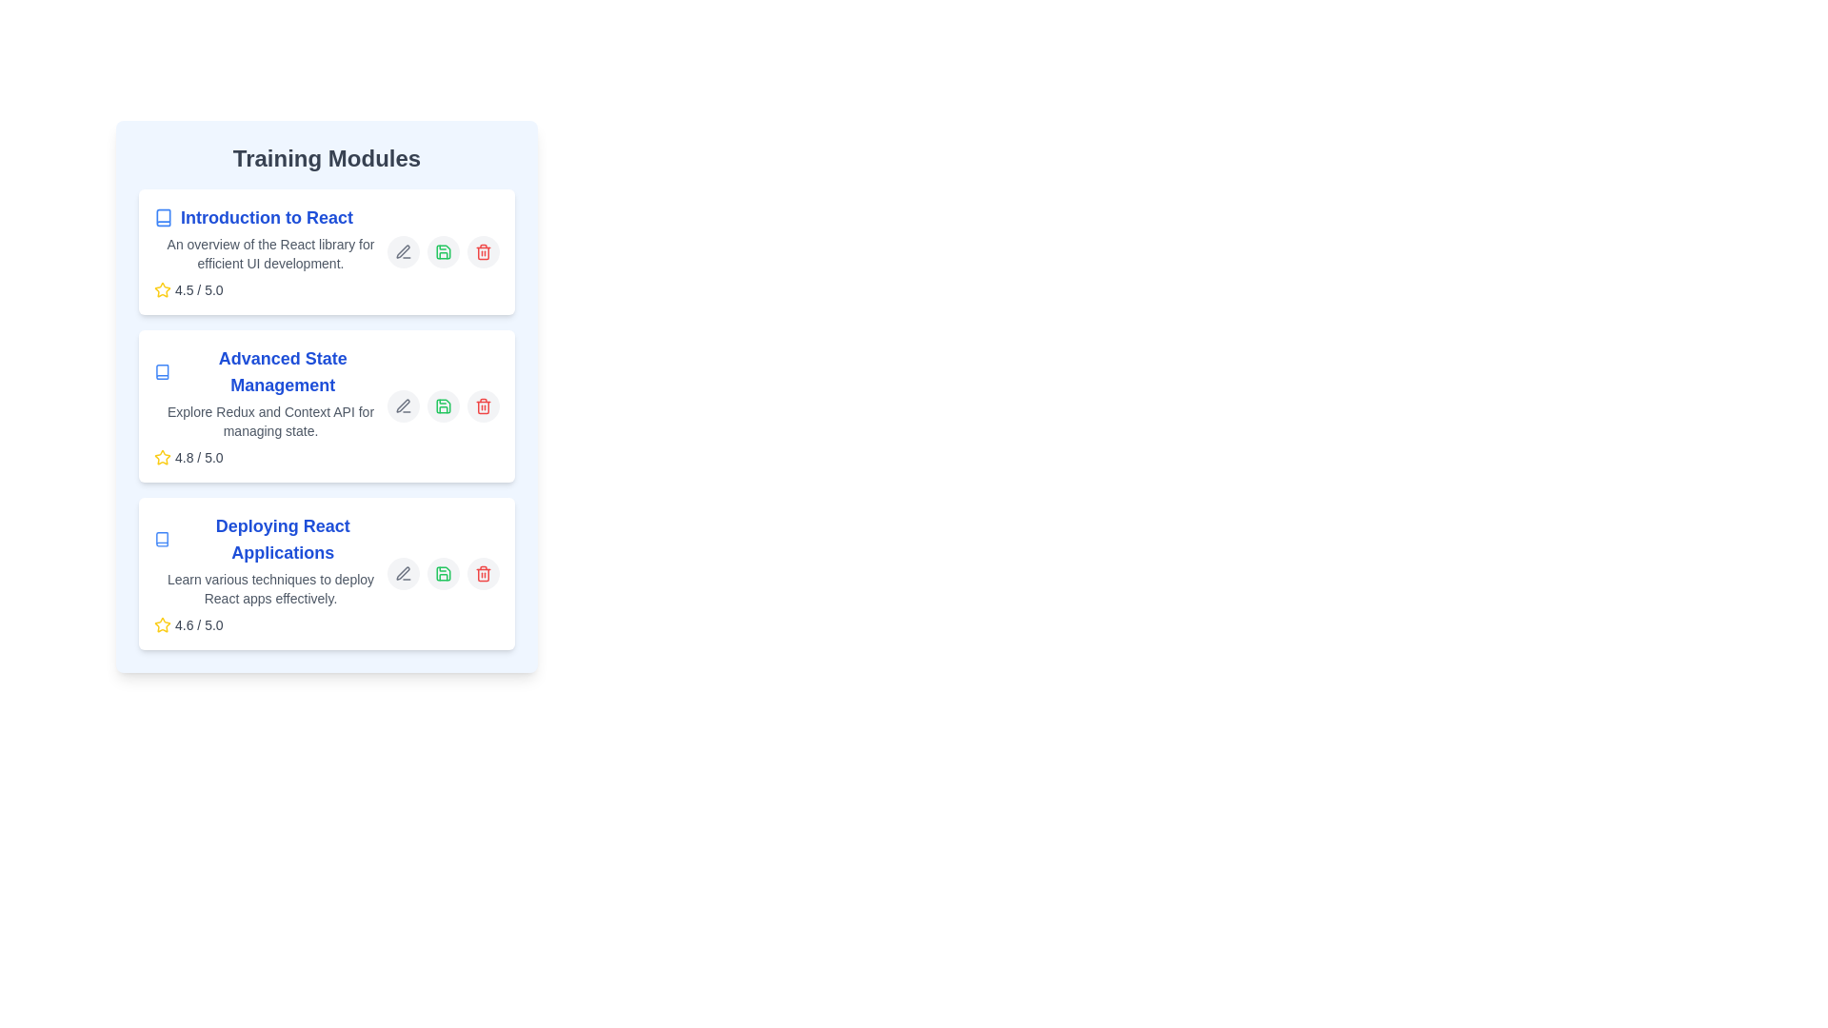 This screenshot has width=1828, height=1028. Describe the element at coordinates (402, 405) in the screenshot. I see `the pen icon button representing the edit function in the 'Advanced State Management' module` at that location.